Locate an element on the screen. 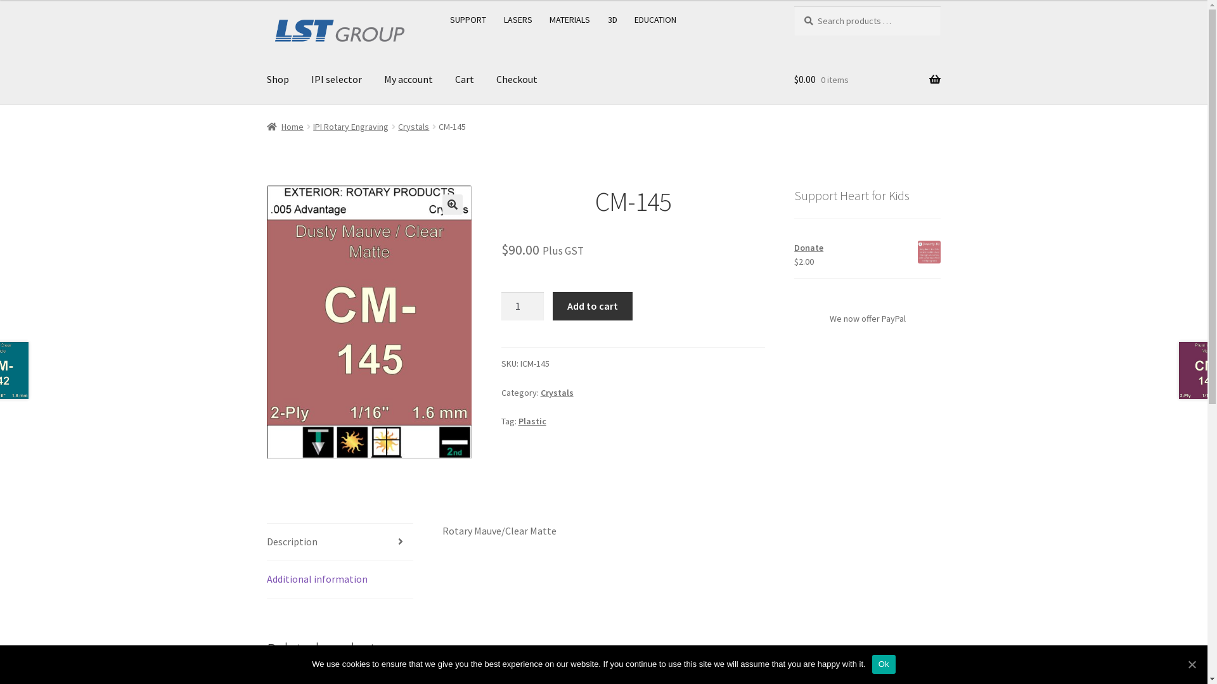 The height and width of the screenshot is (684, 1217). '3D' is located at coordinates (612, 19).